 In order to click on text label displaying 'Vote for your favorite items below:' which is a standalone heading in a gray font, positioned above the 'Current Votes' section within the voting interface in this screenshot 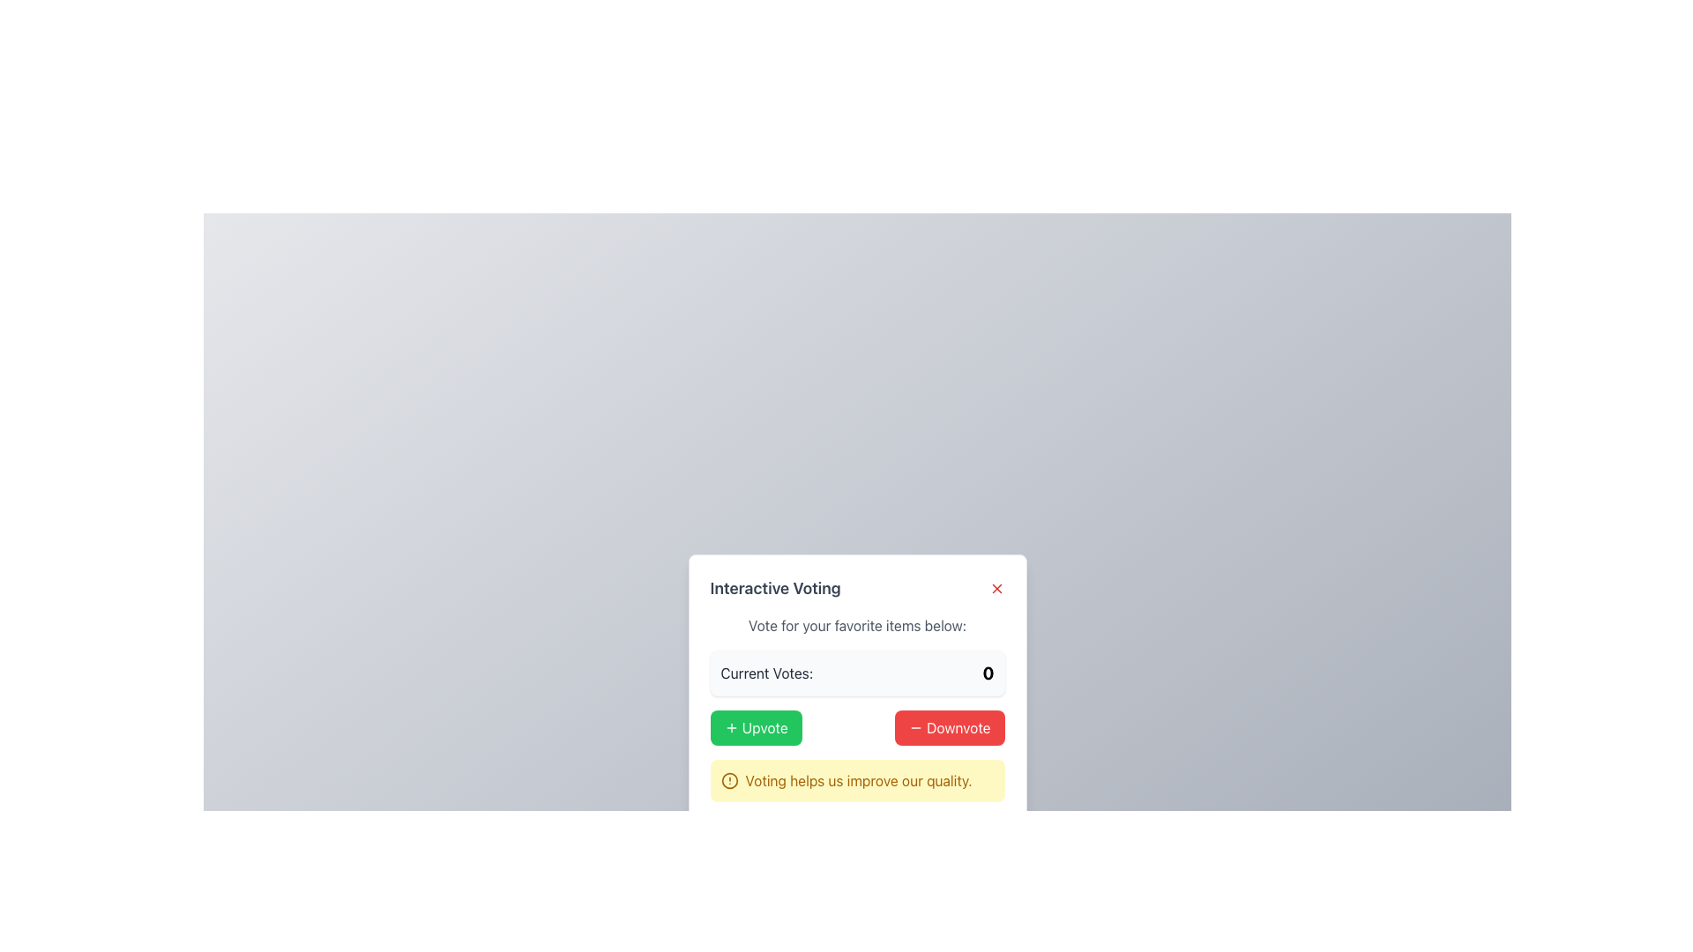, I will do `click(857, 624)`.